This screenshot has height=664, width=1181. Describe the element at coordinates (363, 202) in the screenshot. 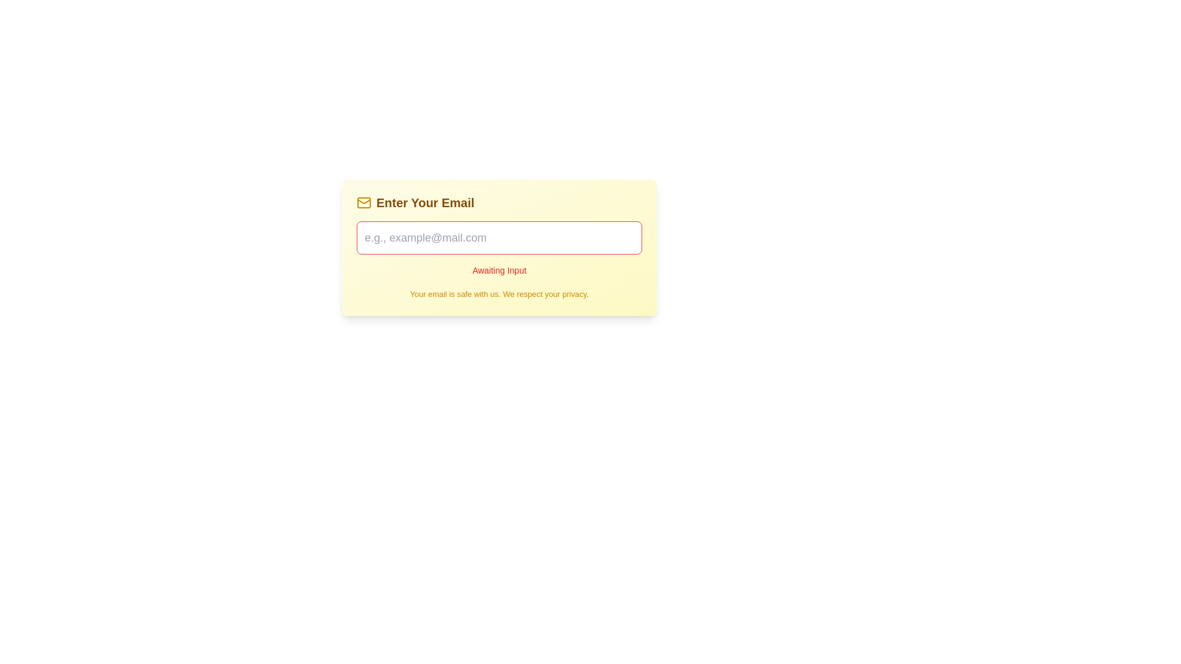

I see `the bottom rectangle component of the envelope icon located near the 'Enter Your Email' label` at that location.